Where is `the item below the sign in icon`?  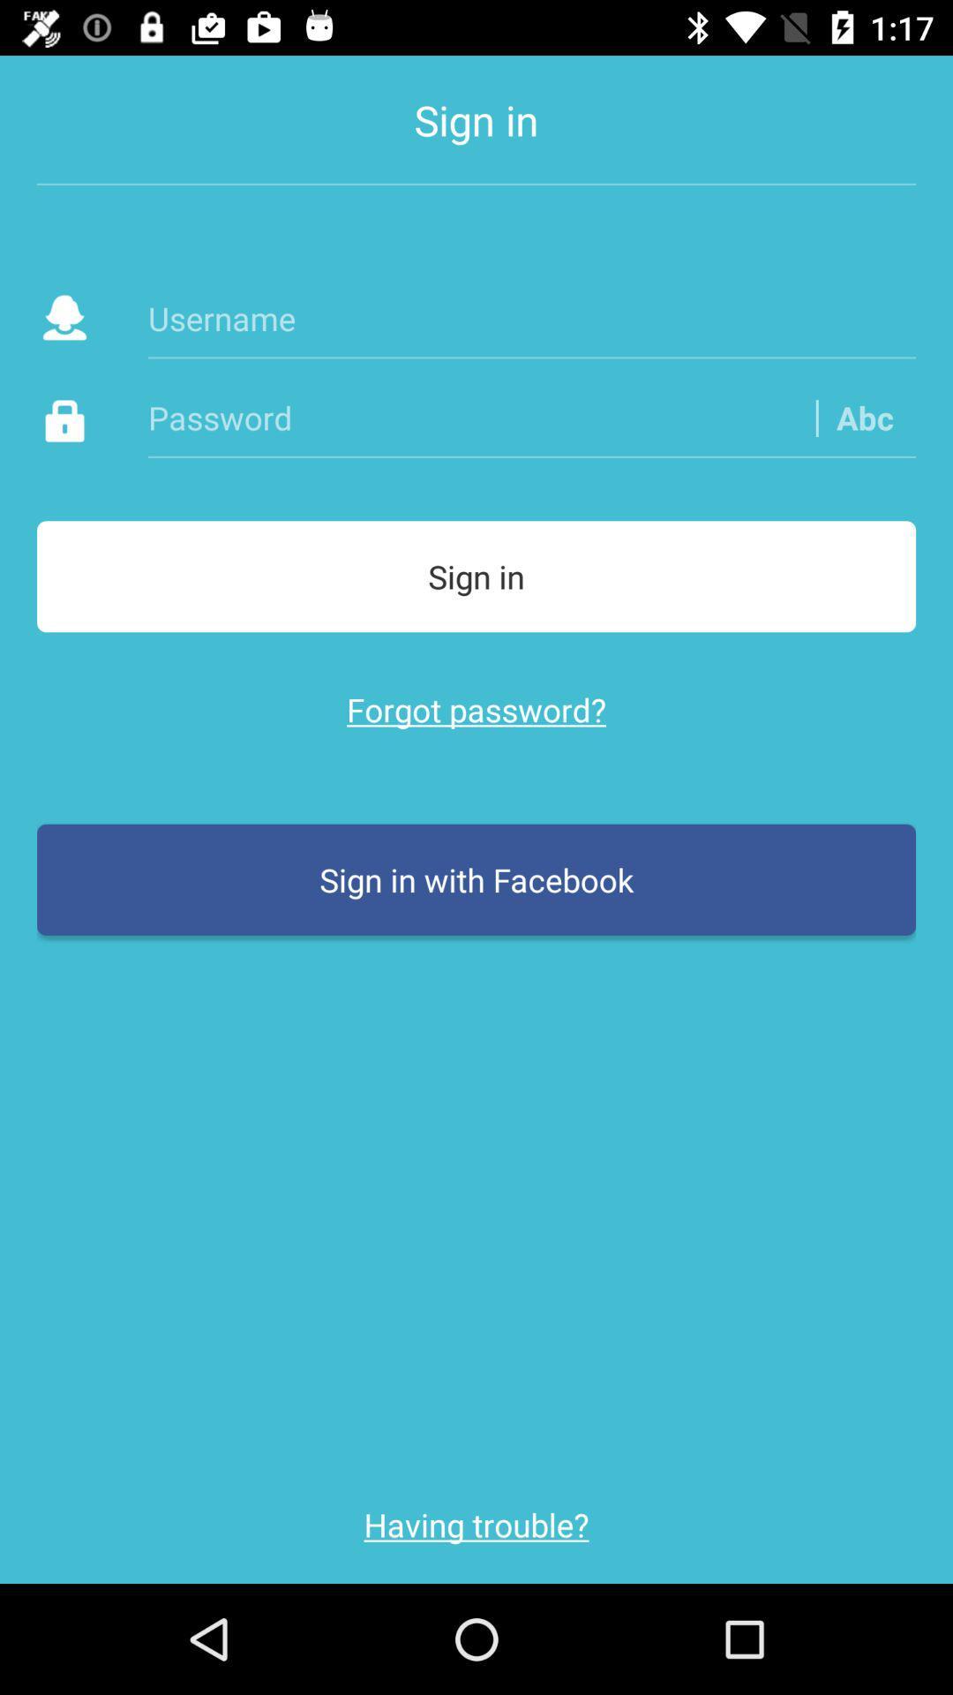
the item below the sign in icon is located at coordinates (476, 710).